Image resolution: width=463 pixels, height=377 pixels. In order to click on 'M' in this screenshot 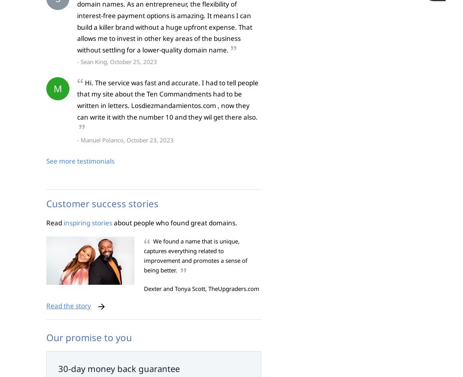, I will do `click(58, 88)`.